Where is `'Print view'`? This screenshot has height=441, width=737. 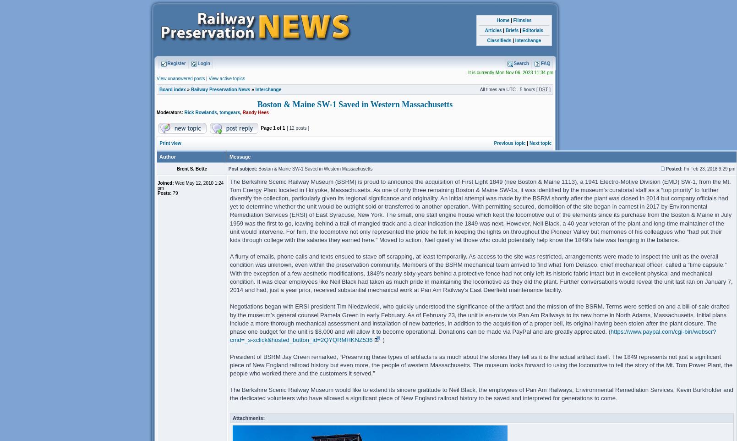 'Print view' is located at coordinates (170, 143).